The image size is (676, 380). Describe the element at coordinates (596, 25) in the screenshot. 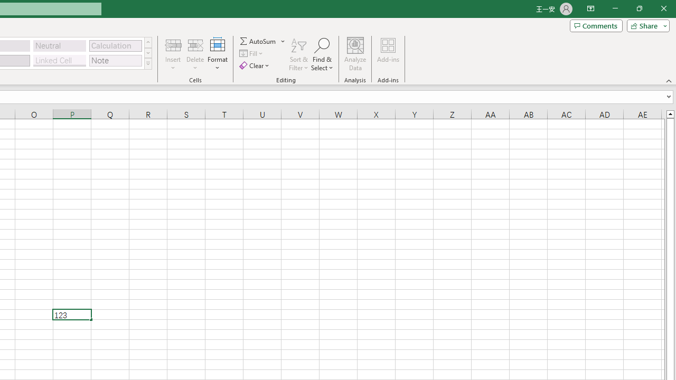

I see `'Comments'` at that location.